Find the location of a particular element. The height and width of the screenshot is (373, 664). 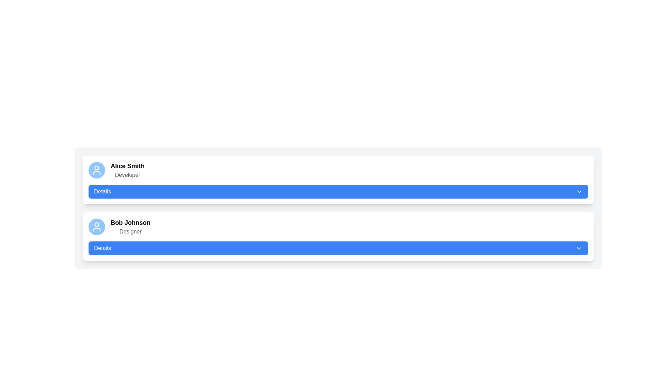

the user profile icon, which is a minimalist line art of a person encased in a bright blue circular background, located in the top-left section of the profile card is located at coordinates (96, 227).